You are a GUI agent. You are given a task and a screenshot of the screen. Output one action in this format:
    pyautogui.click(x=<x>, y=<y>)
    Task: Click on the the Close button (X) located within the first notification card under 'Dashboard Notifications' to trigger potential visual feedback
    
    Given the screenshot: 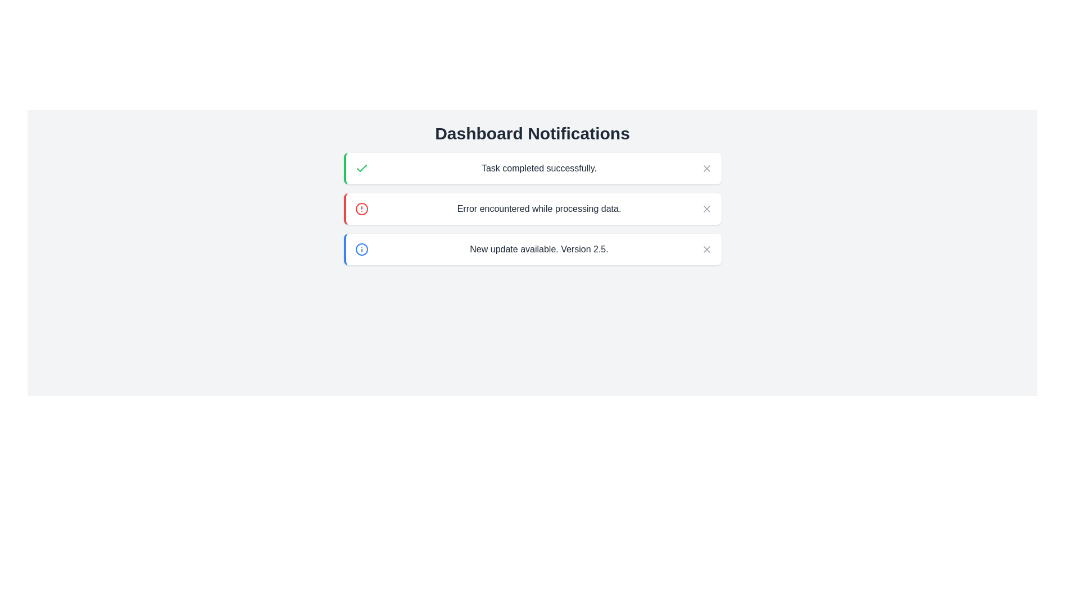 What is the action you would take?
    pyautogui.click(x=706, y=169)
    